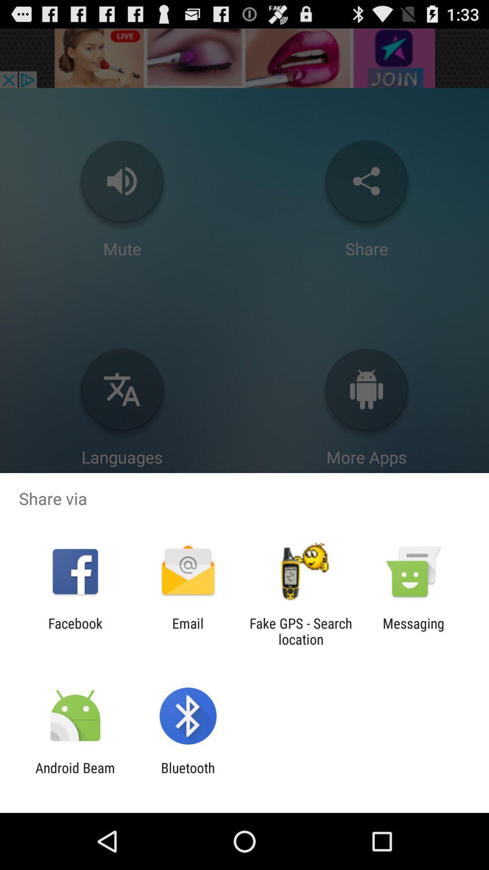 Image resolution: width=489 pixels, height=870 pixels. What do you see at coordinates (413, 631) in the screenshot?
I see `messaging` at bounding box center [413, 631].